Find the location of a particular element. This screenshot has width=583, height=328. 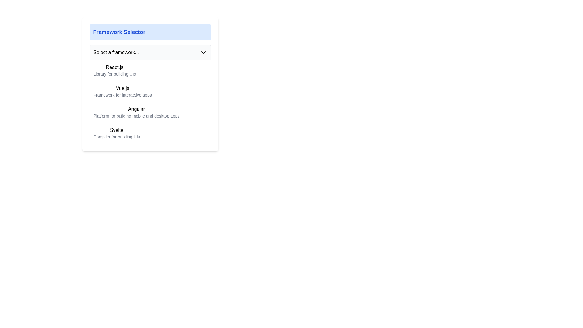

the downward pointing chevron icon located on the far right of the dropdown menu header that says 'Select a framework...' is located at coordinates (203, 52).